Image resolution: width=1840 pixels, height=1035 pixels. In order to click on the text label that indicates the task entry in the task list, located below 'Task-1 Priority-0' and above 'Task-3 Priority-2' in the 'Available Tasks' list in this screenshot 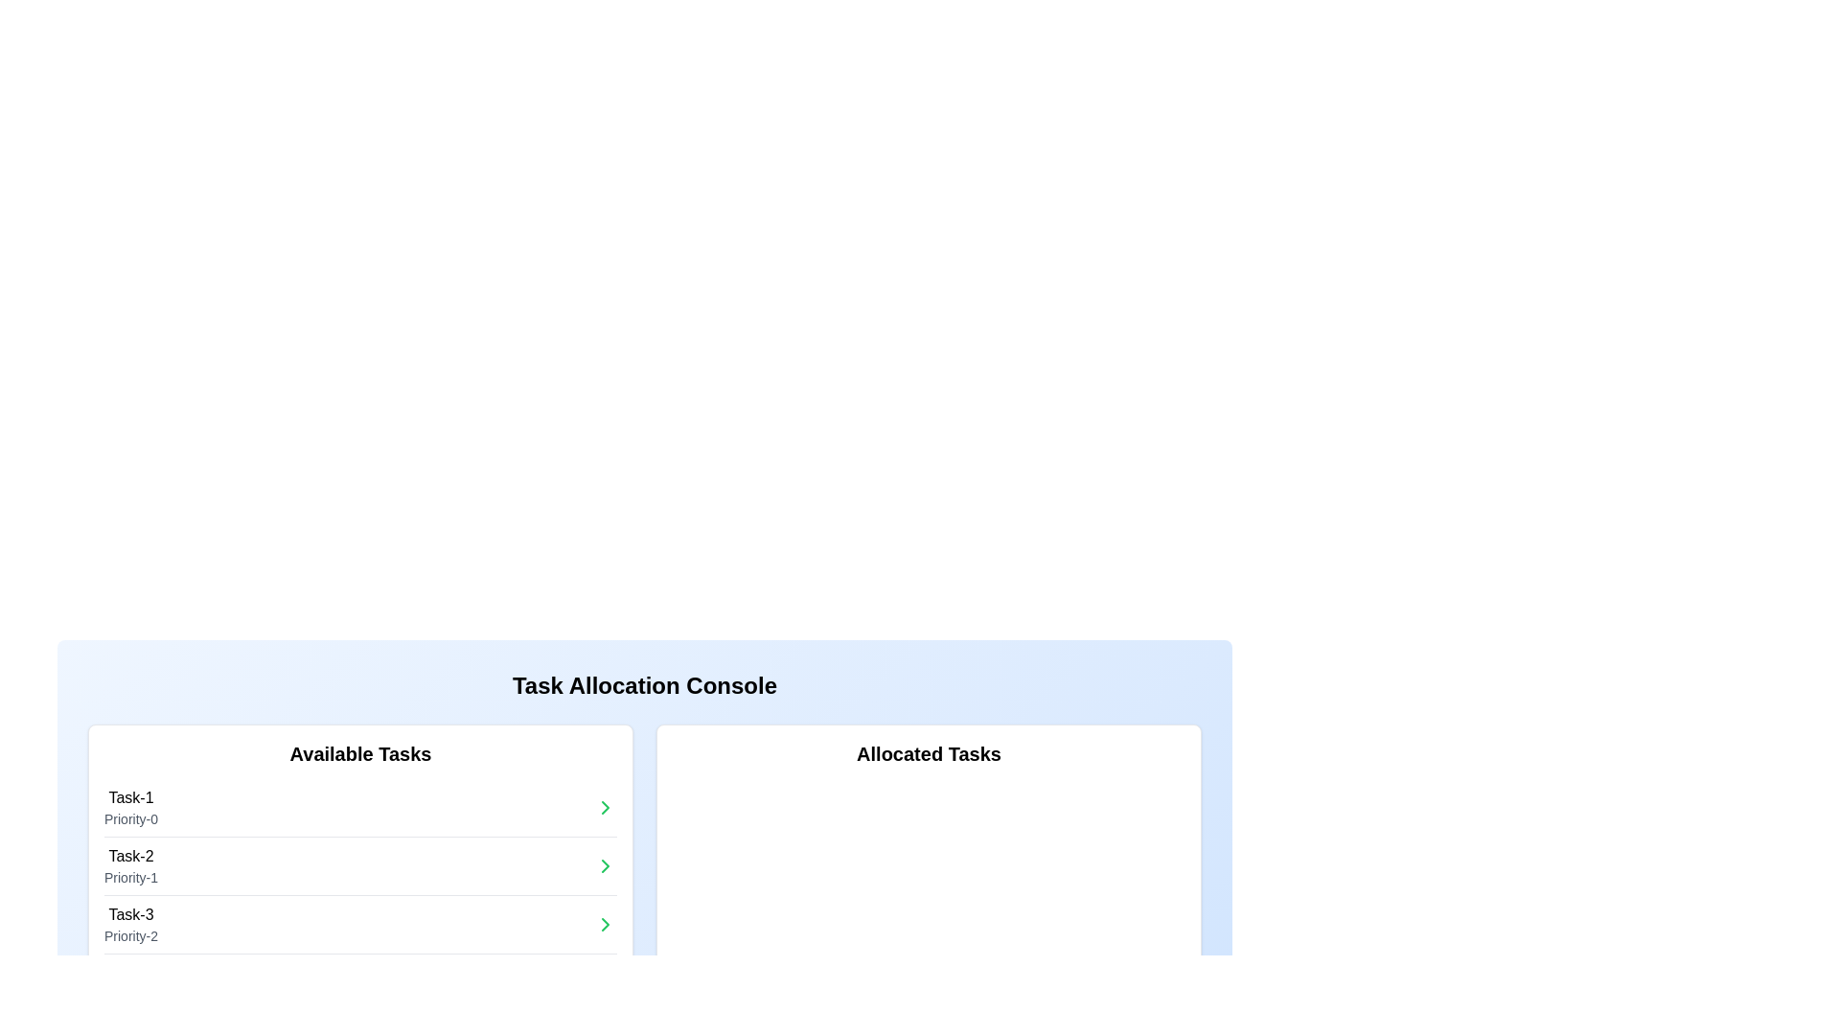, I will do `click(130, 856)`.